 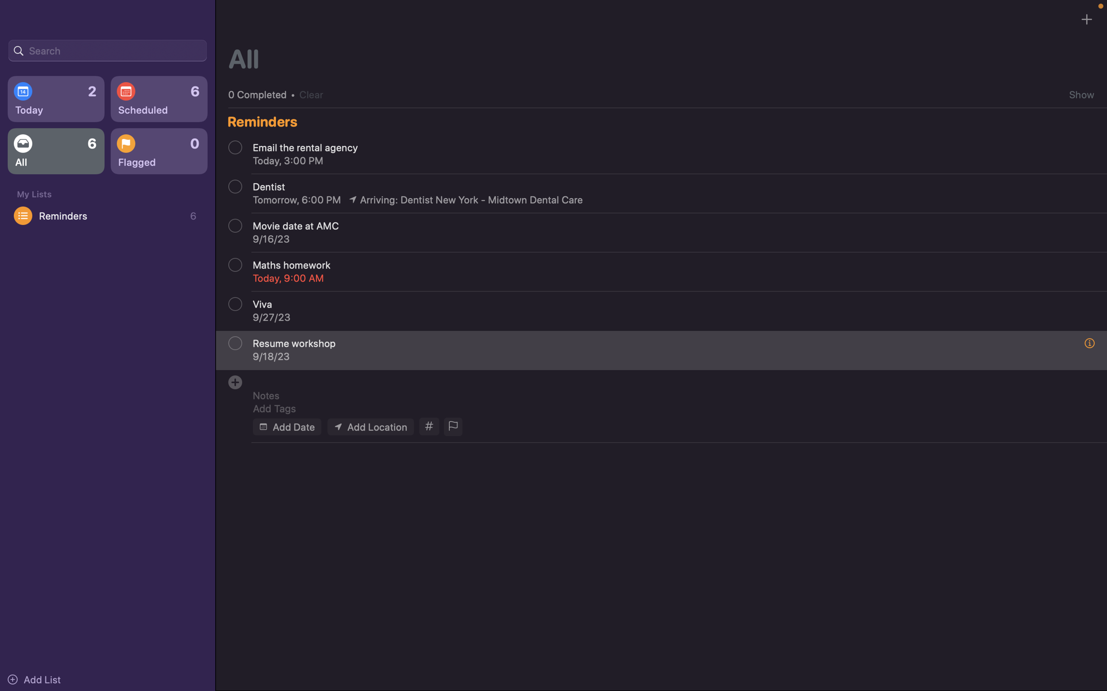 I want to click on Tag the event with "school" and "homework", so click(x=427, y=426).